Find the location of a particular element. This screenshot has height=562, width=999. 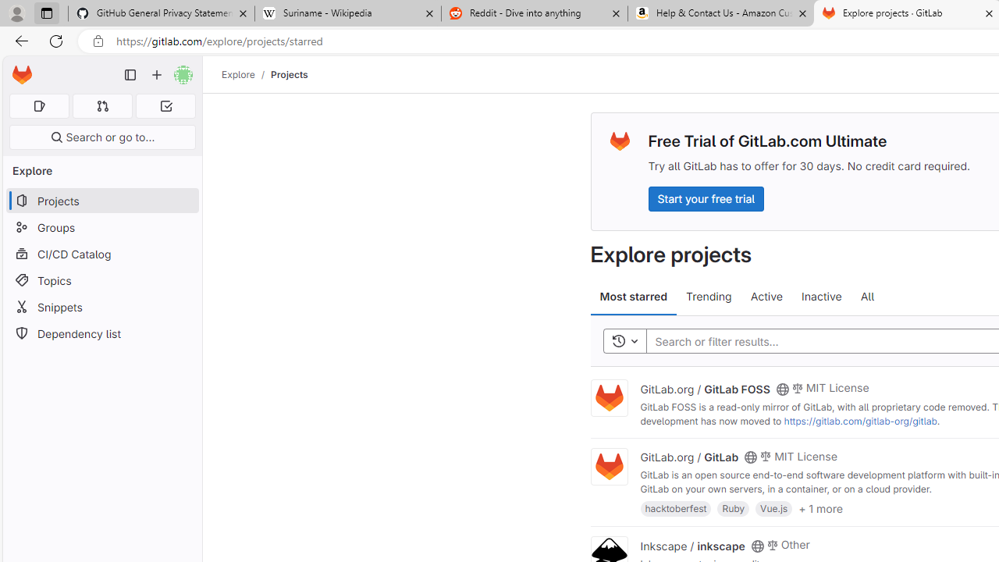

'Class: s16' is located at coordinates (757, 545).